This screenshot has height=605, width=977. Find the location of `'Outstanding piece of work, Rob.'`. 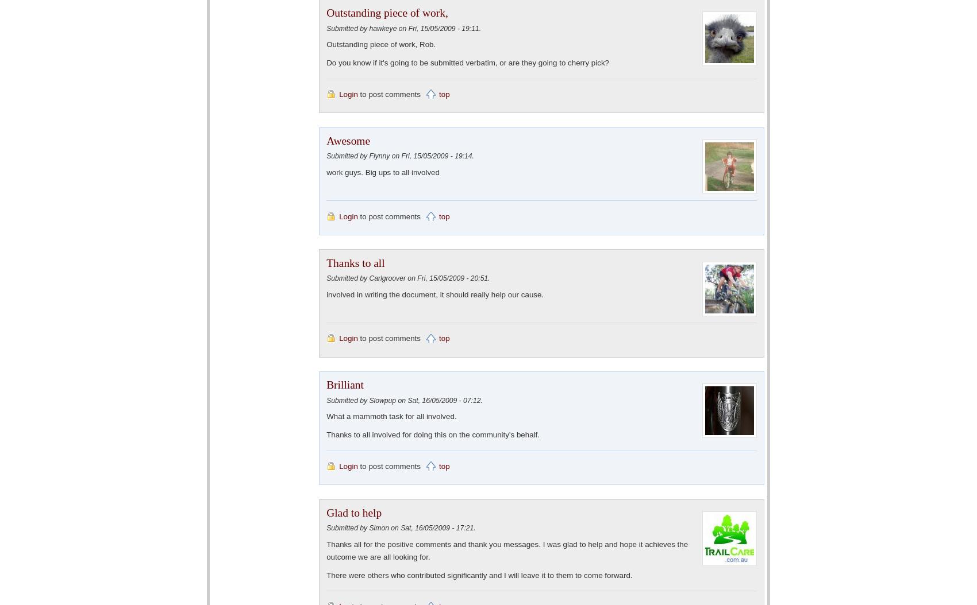

'Outstanding piece of work, Rob.' is located at coordinates (381, 44).